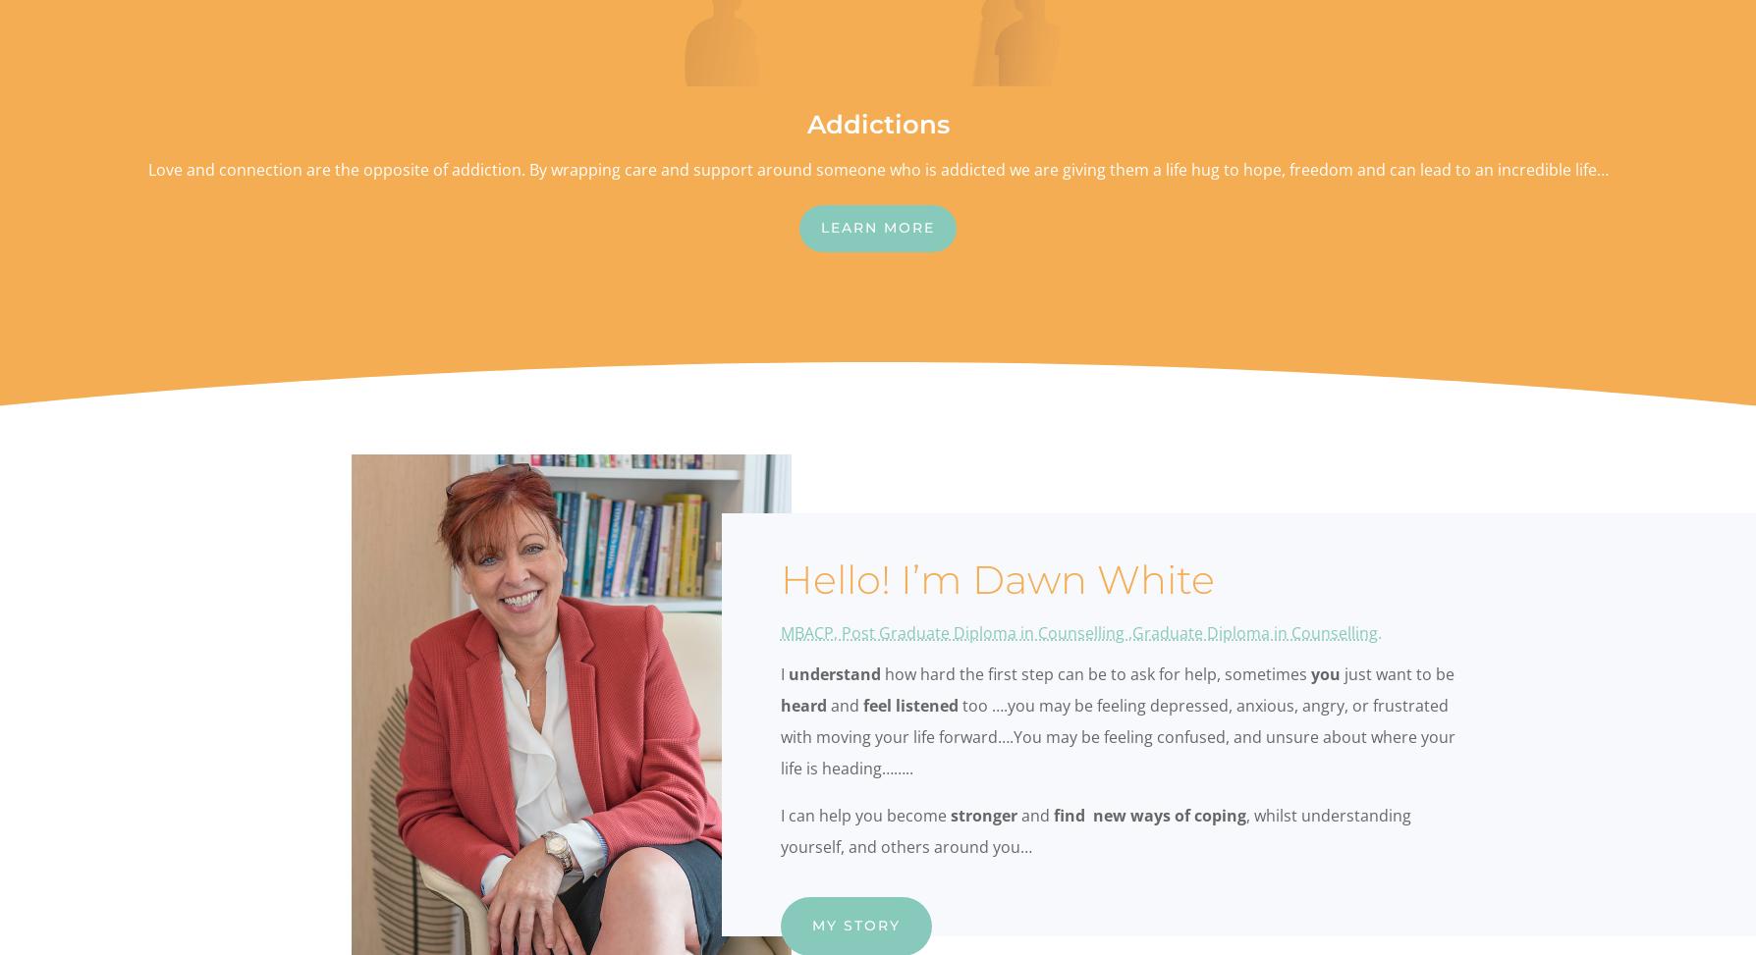 This screenshot has width=1756, height=955. I want to click on 'just want to be', so click(1396, 671).